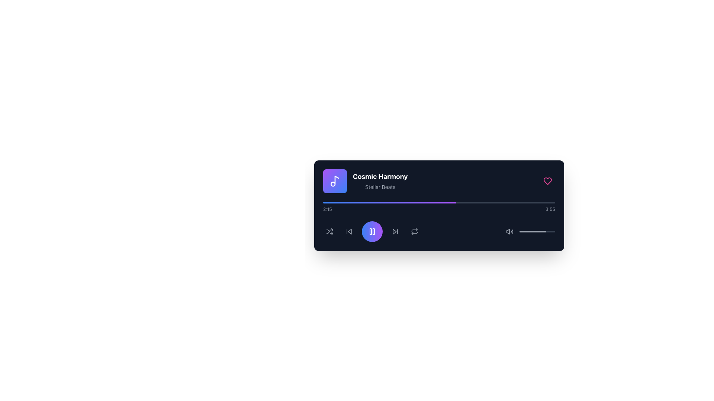 This screenshot has height=401, width=714. Describe the element at coordinates (380, 181) in the screenshot. I see `text display element that shows 'Cosmic Harmony' in bold white text and 'Stellar Beats' below it, located on the right side of a square music icon` at that location.